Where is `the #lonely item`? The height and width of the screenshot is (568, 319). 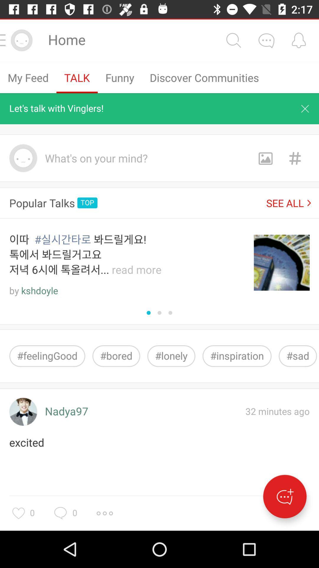 the #lonely item is located at coordinates (171, 356).